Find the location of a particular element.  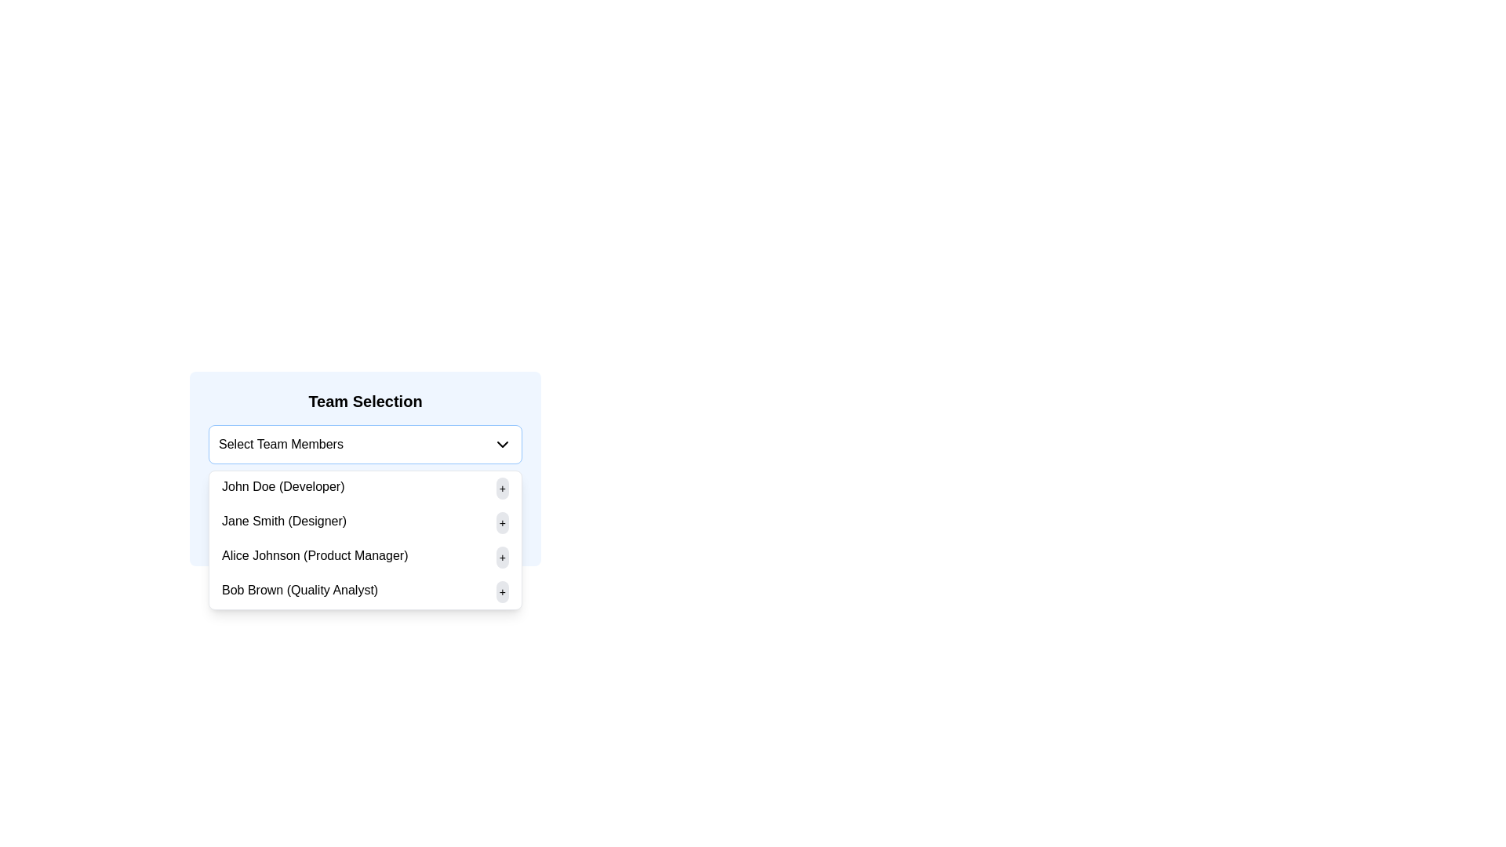

the '+' button of the first team member in the dropdown list under 'Select Team Members' is located at coordinates (364, 488).